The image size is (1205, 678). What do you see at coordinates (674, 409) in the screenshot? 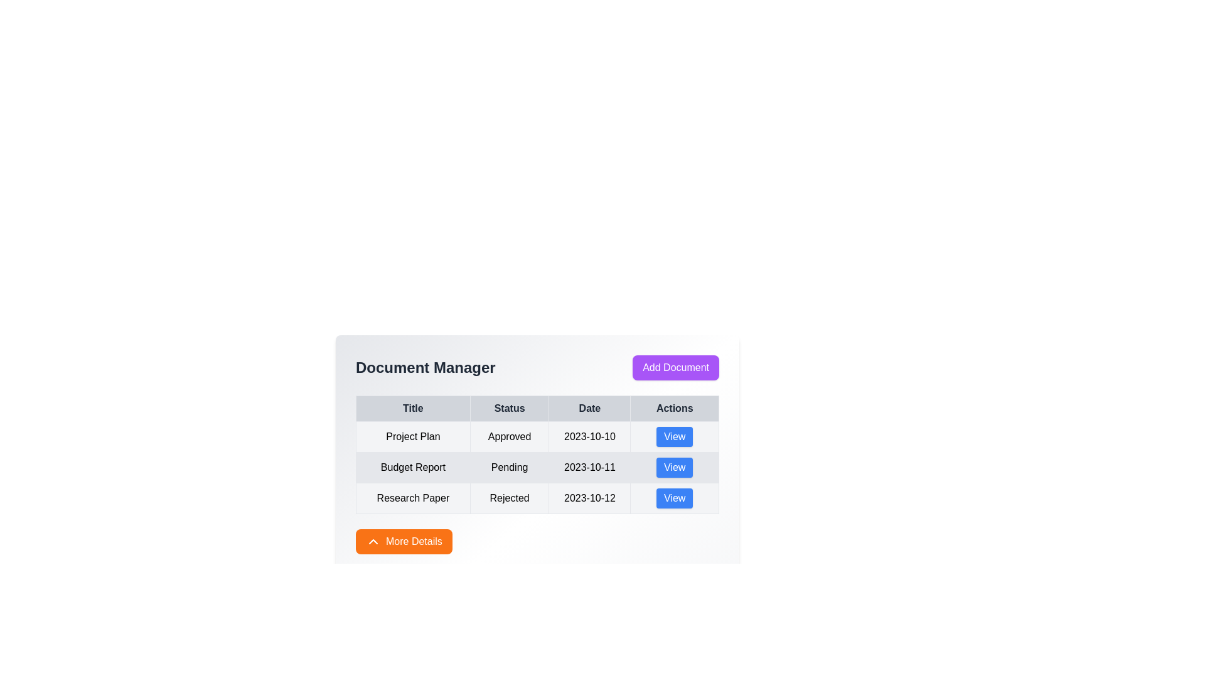
I see `the 'Actions' column header cell in the table, which is the fourth header cell positioned to the far right of the header row` at bounding box center [674, 409].